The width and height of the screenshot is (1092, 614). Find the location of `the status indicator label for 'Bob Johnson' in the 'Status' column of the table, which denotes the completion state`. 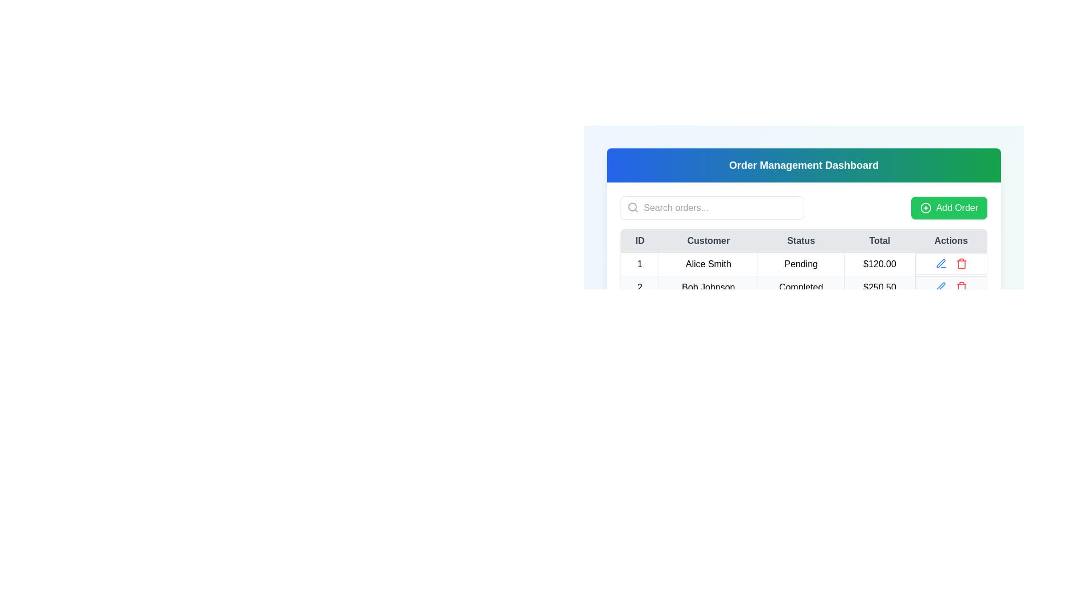

the status indicator label for 'Bob Johnson' in the 'Status' column of the table, which denotes the completion state is located at coordinates (800, 287).